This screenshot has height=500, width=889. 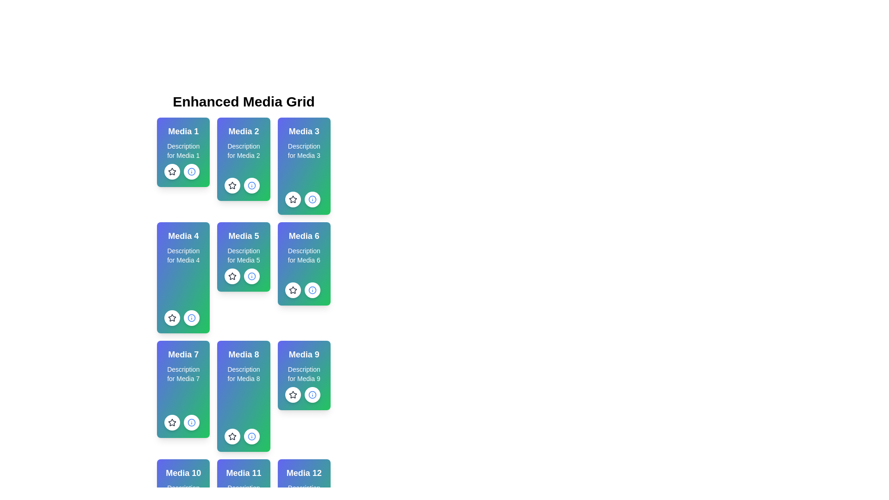 I want to click on the static text display that provides a brief description for 'Media 2', located beneath the title 'Media 2', so click(x=244, y=150).